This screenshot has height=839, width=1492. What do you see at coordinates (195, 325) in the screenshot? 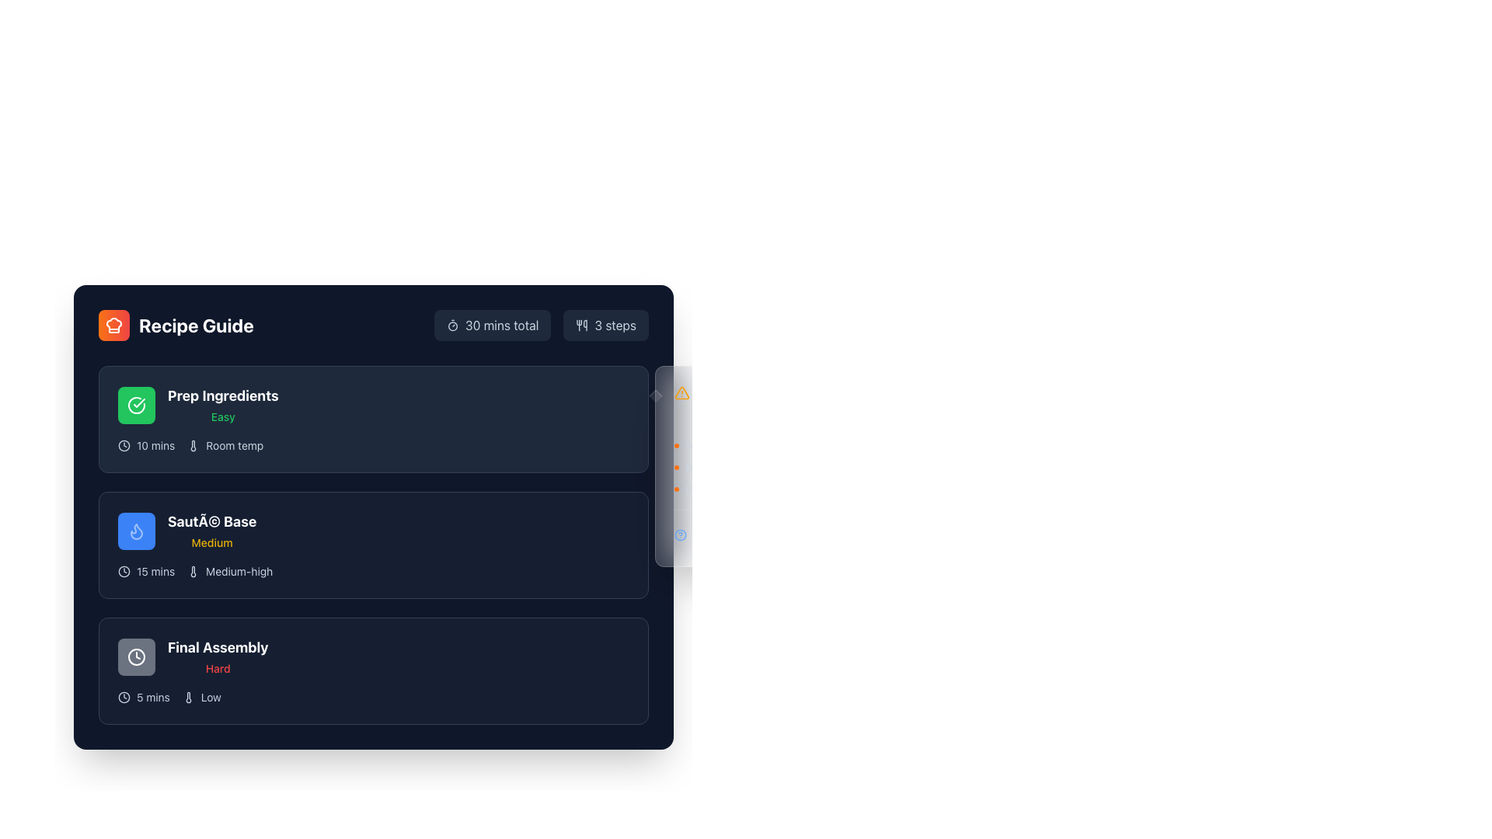
I see `the 'Recipe Guide' text label which serves as a title or heading for the interface, providing context to users` at bounding box center [195, 325].